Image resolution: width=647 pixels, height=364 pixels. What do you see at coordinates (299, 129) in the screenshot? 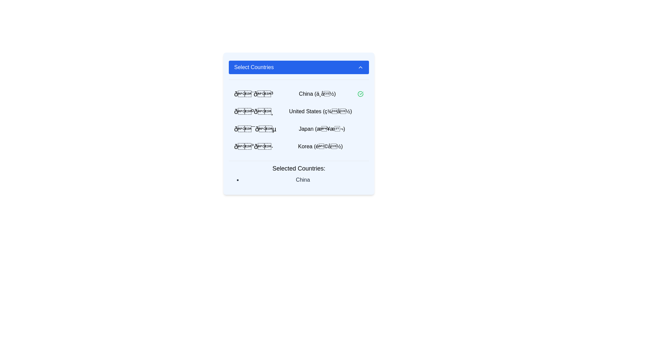
I see `the third row in the dropdown menu that contains the flag emoji for Japan (🇯🇵) followed by the text 'Japan (日本)', located between 'United States (美国)' and 'Korea (韩国)'` at bounding box center [299, 129].